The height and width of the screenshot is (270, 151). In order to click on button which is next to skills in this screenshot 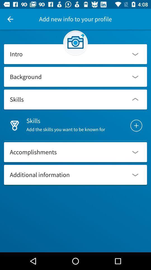, I will do `click(136, 125)`.